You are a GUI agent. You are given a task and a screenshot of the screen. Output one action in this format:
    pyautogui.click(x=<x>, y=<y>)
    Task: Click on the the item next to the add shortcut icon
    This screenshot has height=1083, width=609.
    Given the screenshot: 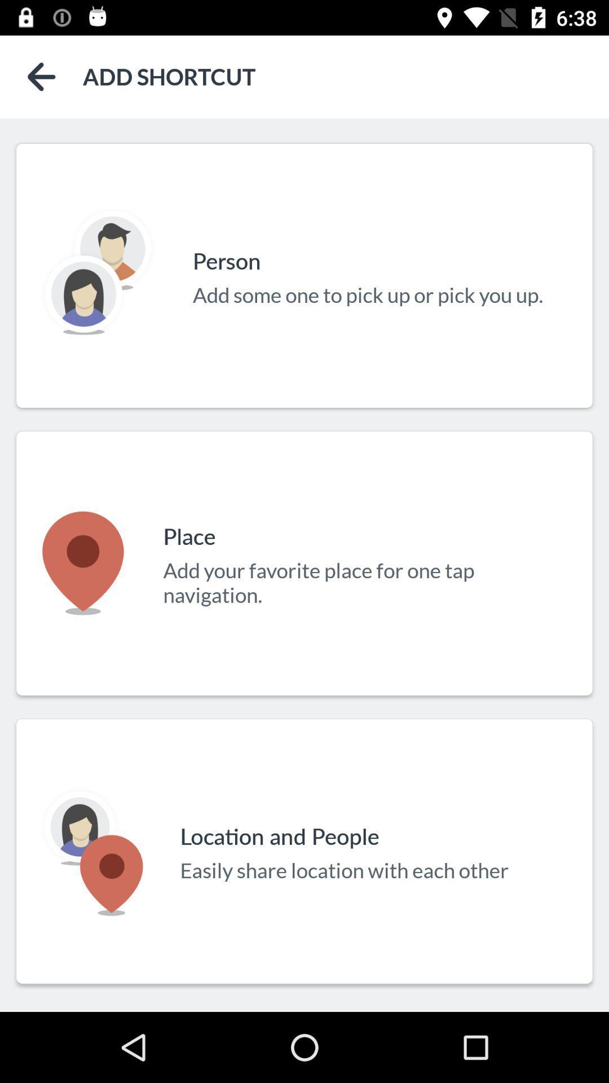 What is the action you would take?
    pyautogui.click(x=41, y=76)
    